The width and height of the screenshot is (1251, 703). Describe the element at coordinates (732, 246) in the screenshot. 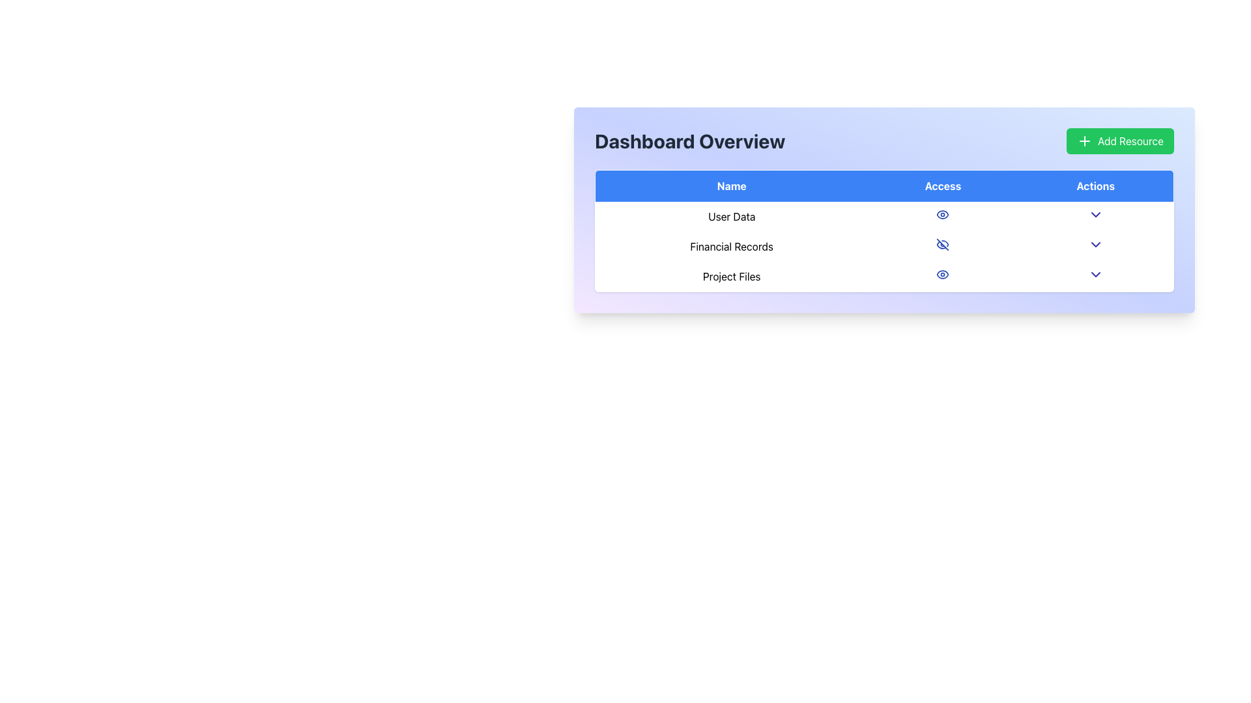

I see `the 'Financial Records' text label located in the second row of the table under the 'Name' column within the 'Dashboard Overview' card` at that location.